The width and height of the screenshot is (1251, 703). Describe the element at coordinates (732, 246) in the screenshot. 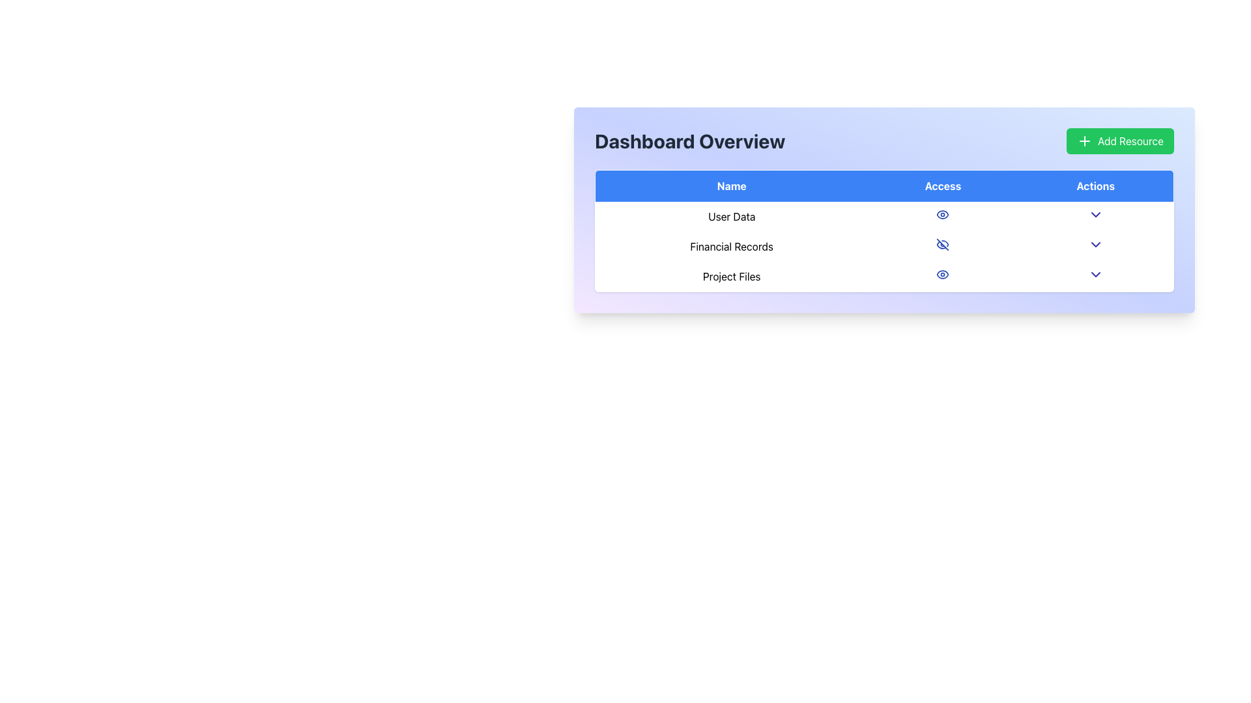

I see `the 'Financial Records' text label located in the second row of the table under the 'Name' column within the 'Dashboard Overview' card` at that location.